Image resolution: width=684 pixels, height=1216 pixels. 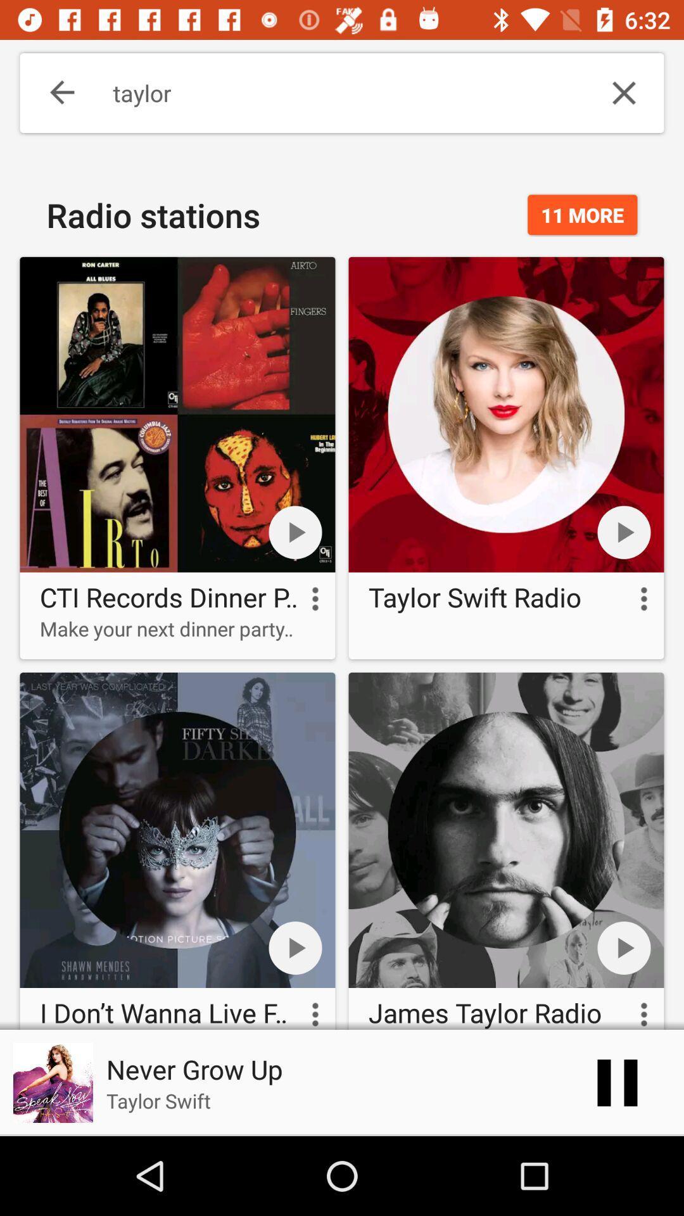 I want to click on icon to the left of taylor icon, so click(x=53, y=92).